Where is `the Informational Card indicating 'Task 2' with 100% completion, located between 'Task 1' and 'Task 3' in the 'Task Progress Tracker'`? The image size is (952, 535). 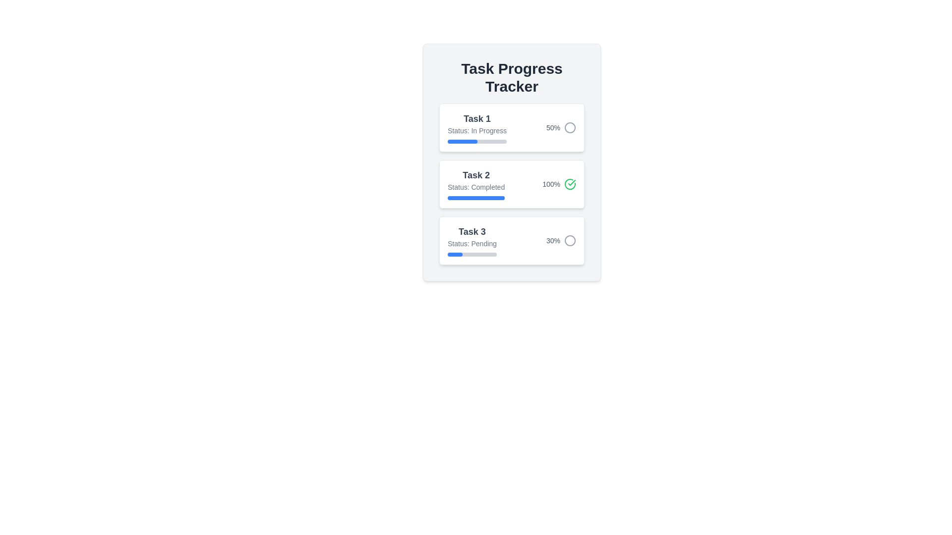 the Informational Card indicating 'Task 2' with 100% completion, located between 'Task 1' and 'Task 3' in the 'Task Progress Tracker' is located at coordinates (512, 161).